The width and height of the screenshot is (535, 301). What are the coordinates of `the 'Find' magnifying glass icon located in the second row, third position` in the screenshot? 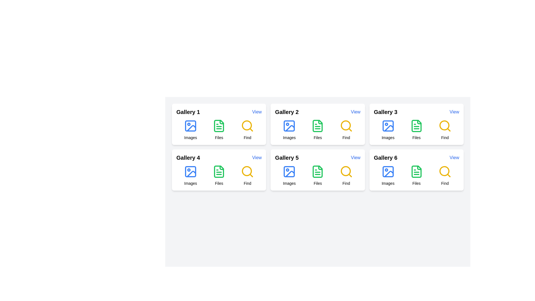 It's located at (346, 126).